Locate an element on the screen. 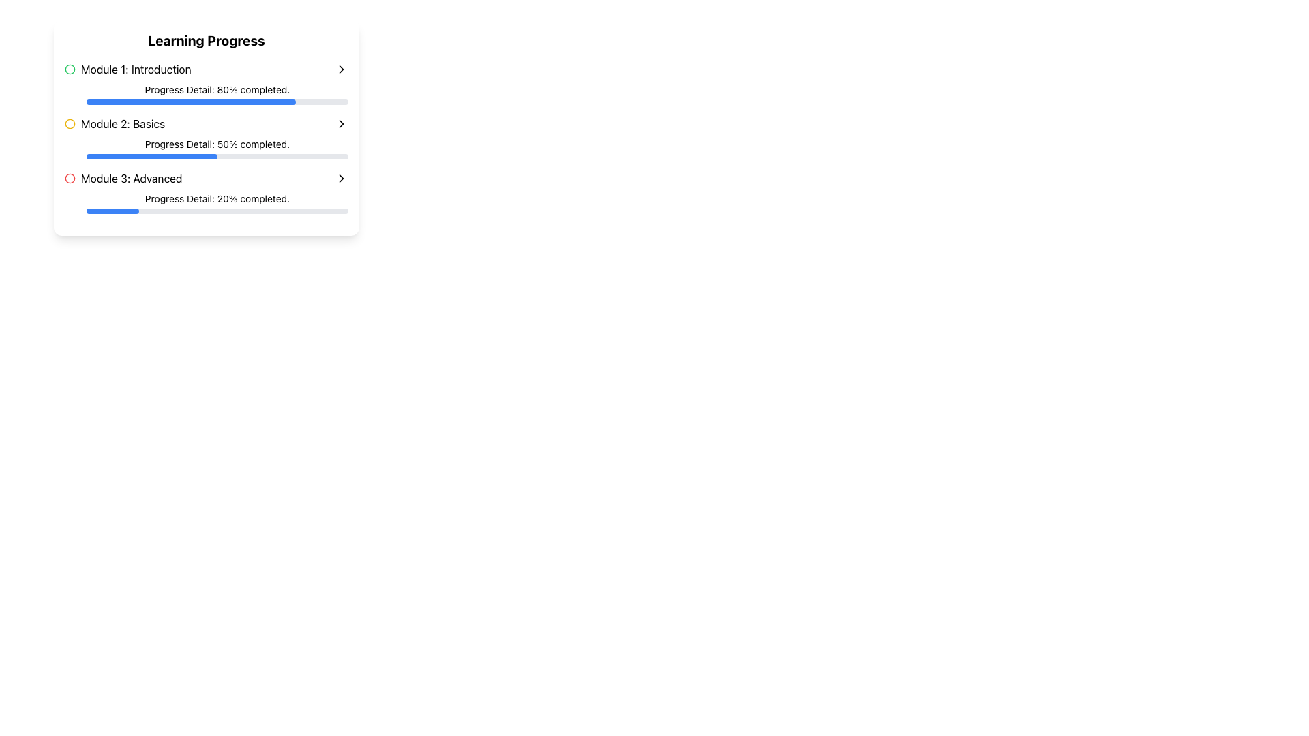 The image size is (1309, 736). the chevron icon located at the far right of the row labeled 'Module 1: Introduction' is located at coordinates (341, 69).